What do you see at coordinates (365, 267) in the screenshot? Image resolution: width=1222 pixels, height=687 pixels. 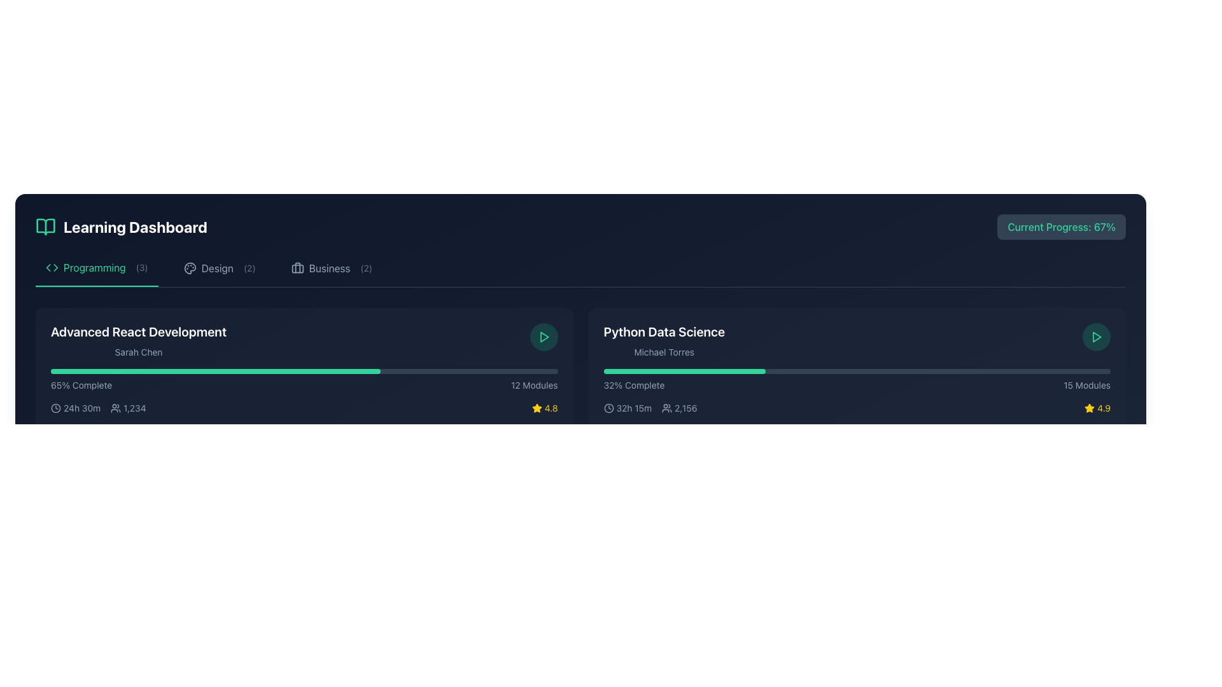 I see `the text label indicating the numerical quantity associated with the label 'Business', located immediately to the right of 'Business' in the Learning Dashboard section` at bounding box center [365, 267].